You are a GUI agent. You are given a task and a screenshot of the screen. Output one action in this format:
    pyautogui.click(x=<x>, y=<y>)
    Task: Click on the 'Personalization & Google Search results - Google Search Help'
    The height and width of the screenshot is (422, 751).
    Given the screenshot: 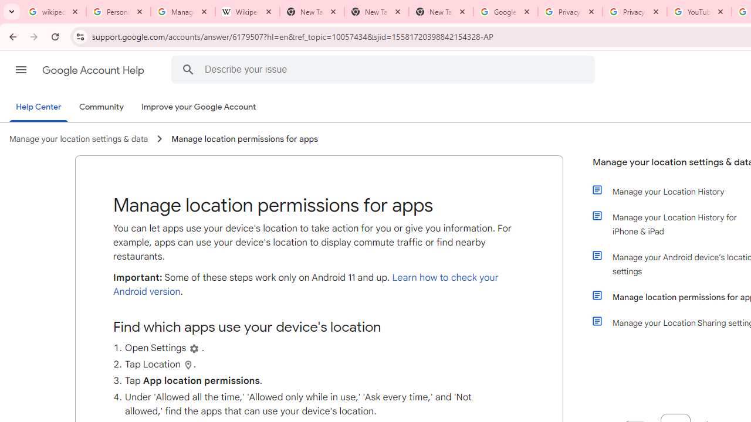 What is the action you would take?
    pyautogui.click(x=119, y=12)
    